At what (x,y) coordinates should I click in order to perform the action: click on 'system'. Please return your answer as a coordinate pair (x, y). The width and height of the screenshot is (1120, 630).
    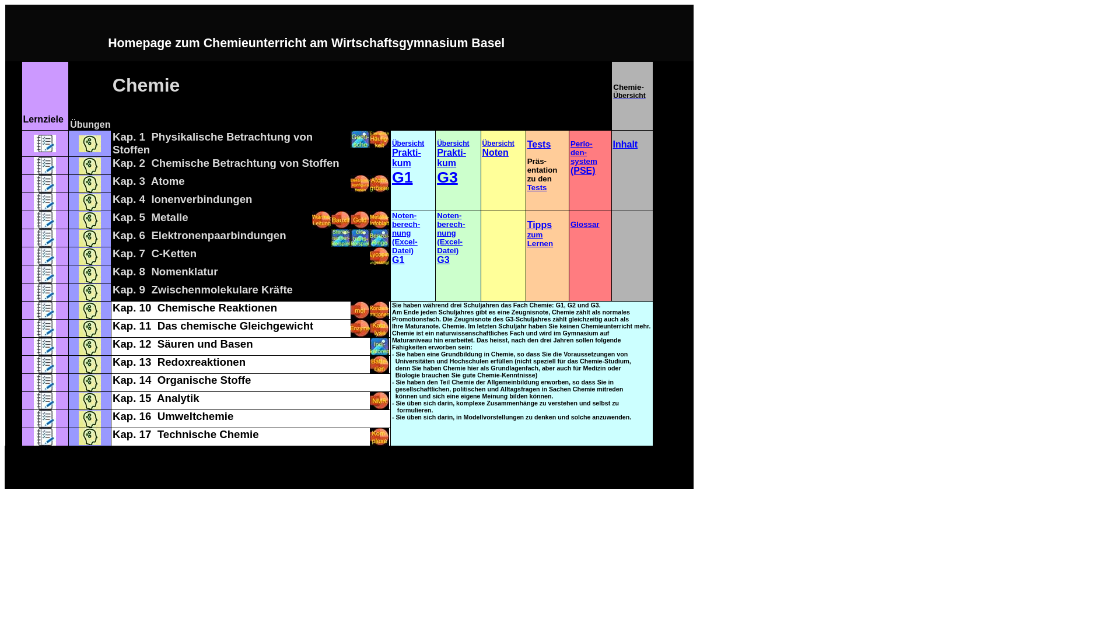
    Looking at the image, I should click on (584, 161).